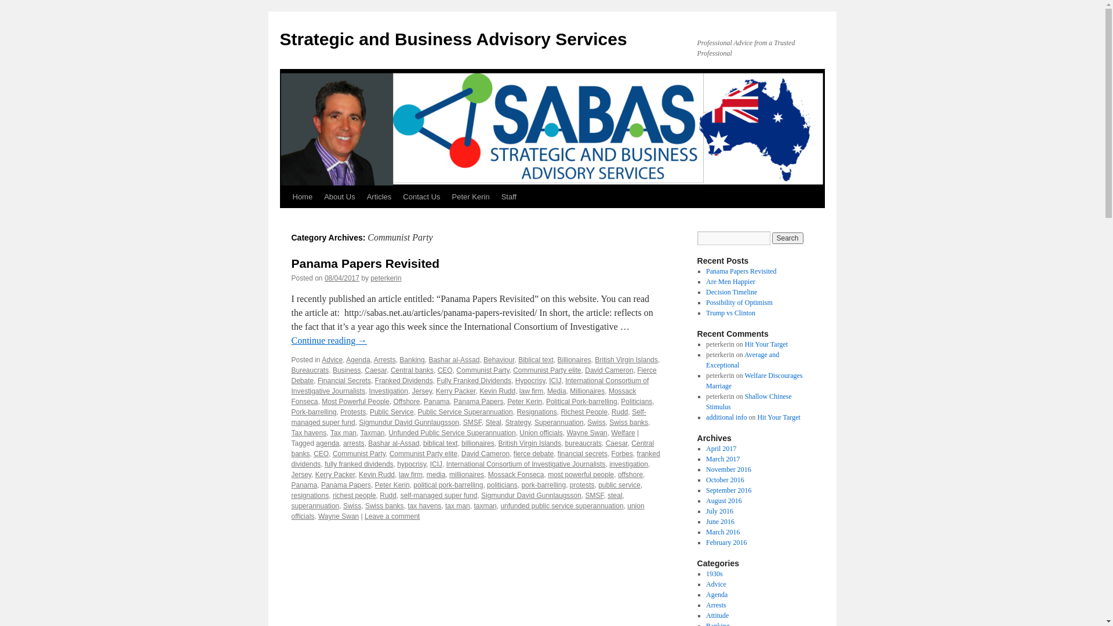 The height and width of the screenshot is (626, 1113). Describe the element at coordinates (310, 370) in the screenshot. I see `'Bureaucrats'` at that location.